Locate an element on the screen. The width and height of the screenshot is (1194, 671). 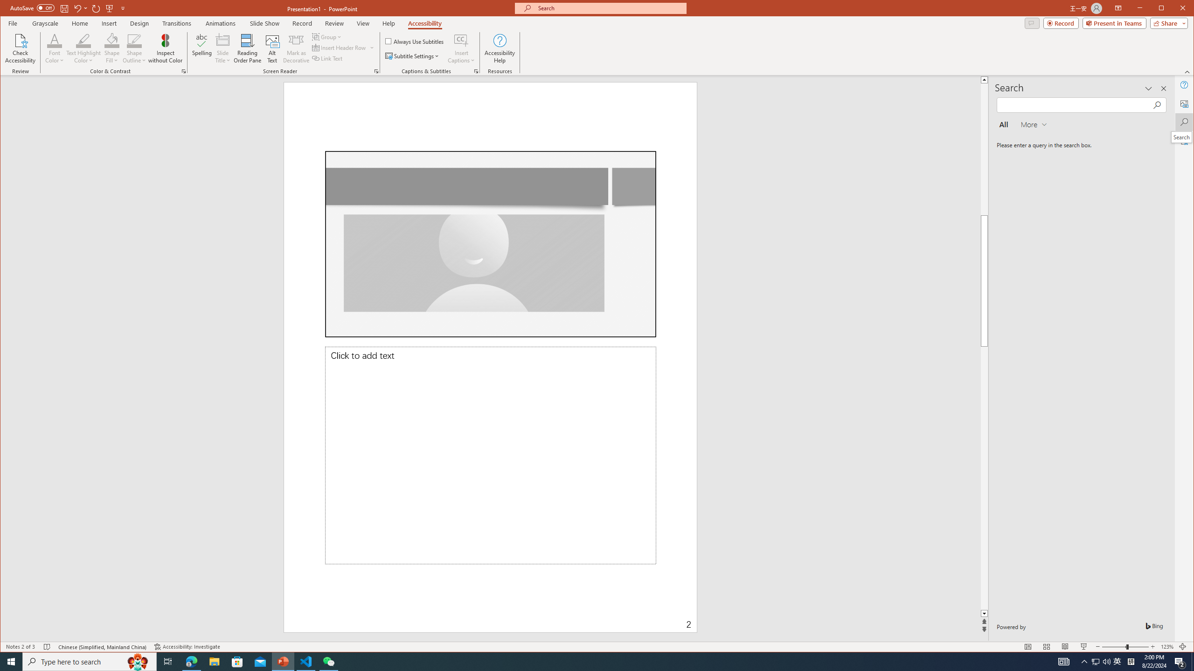
'Shape Fill Orange, Accent 2' is located at coordinates (112, 40).